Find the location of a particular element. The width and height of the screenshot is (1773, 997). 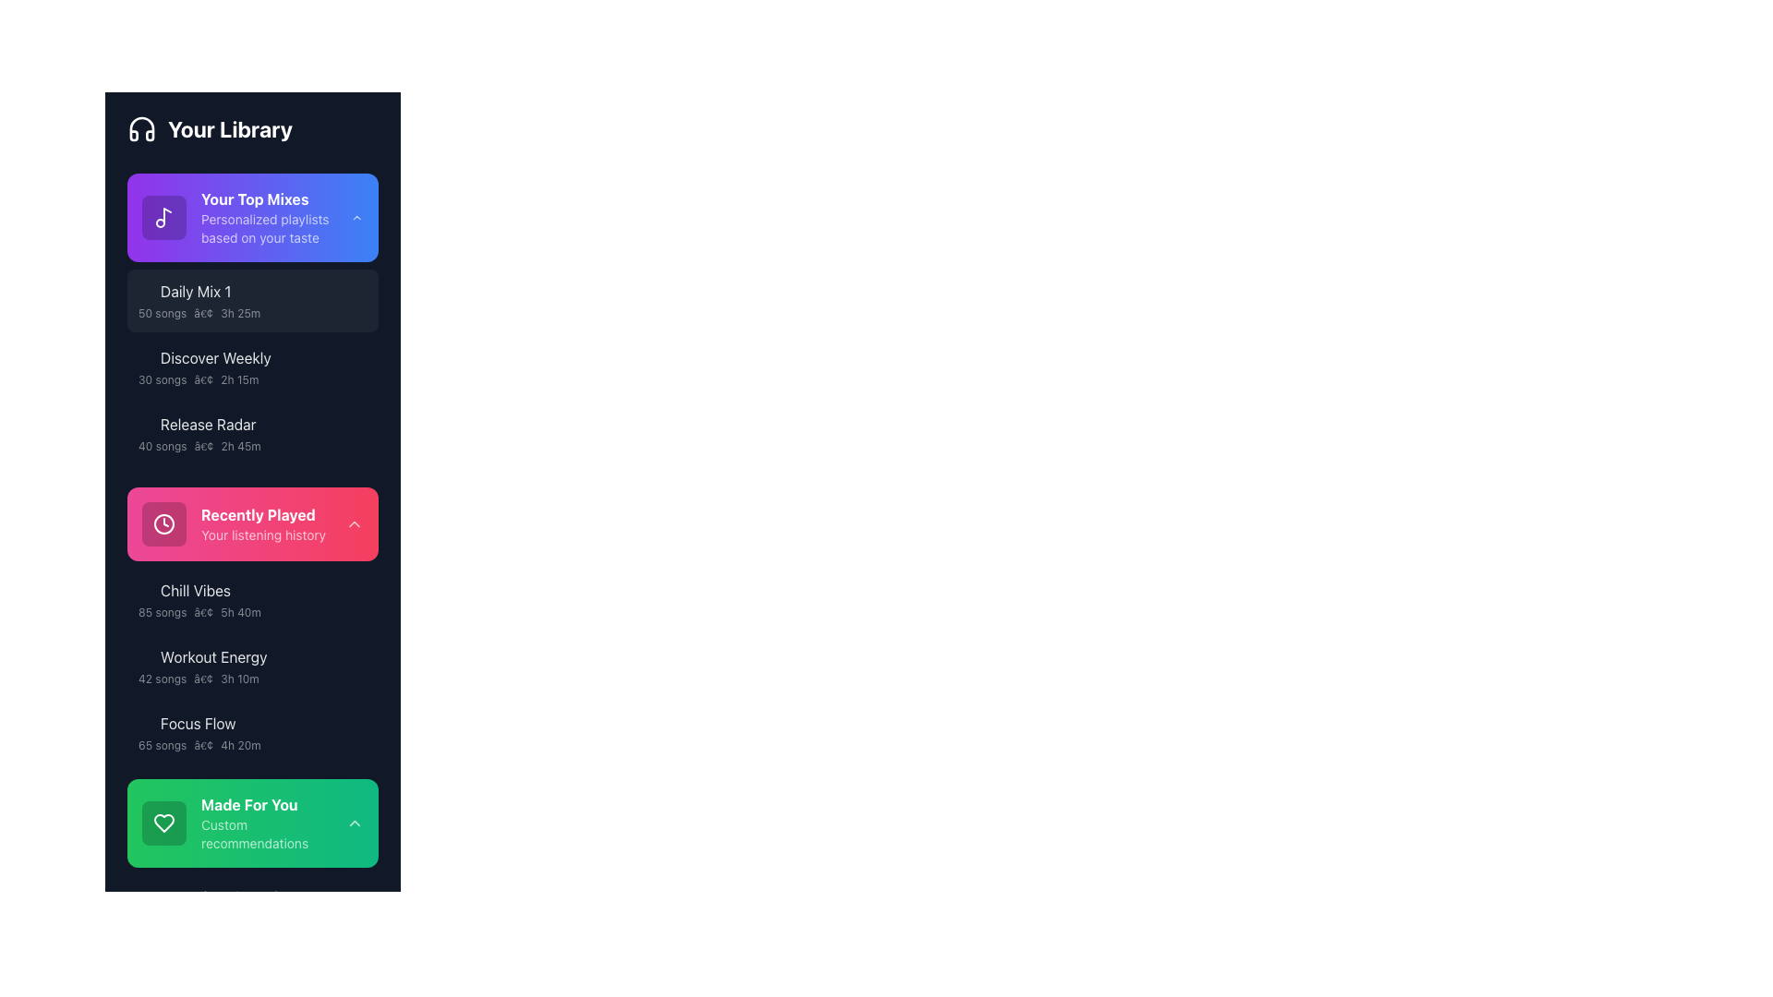

the text label displaying 'Focus Flow', which is styled in white and is the fifth item in a vertical list layout is located at coordinates (198, 722).